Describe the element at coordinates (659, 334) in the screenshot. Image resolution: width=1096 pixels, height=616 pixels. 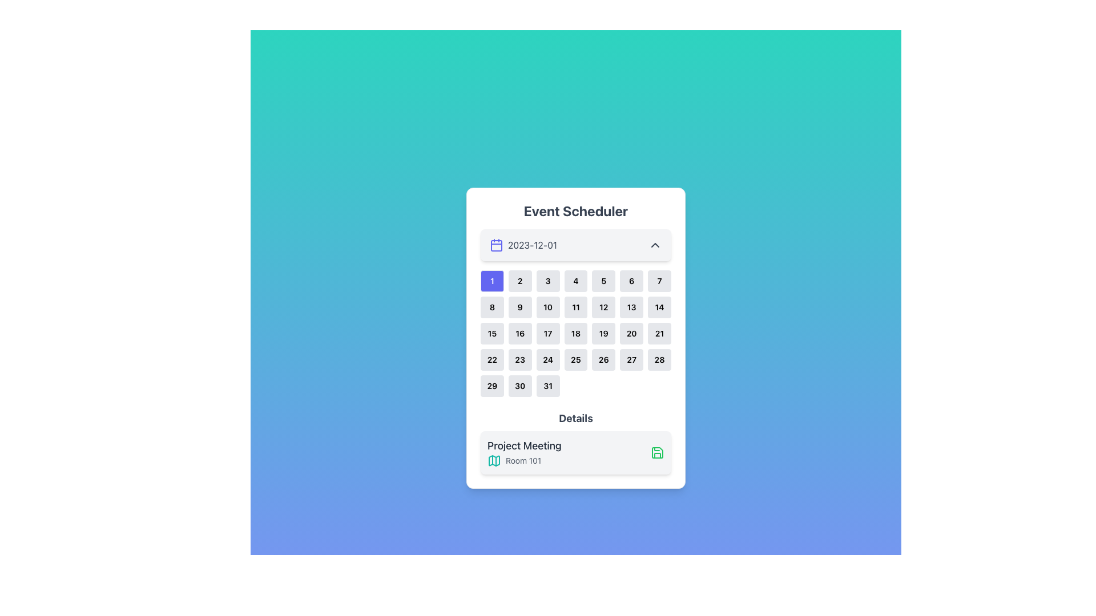
I see `the date selector button located in the fourth row and seventh column of the calendar grid` at that location.